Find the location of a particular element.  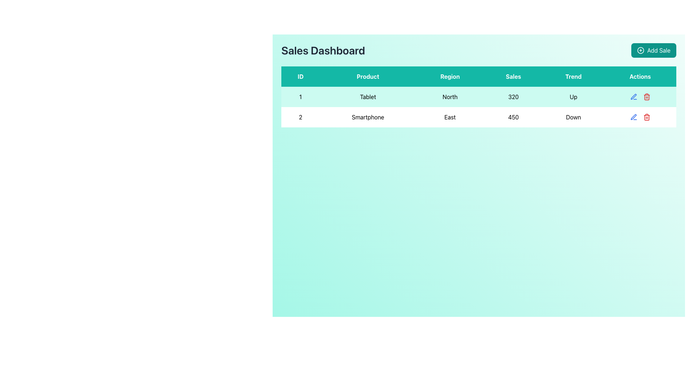

the first row of the table containing the entries '1', 'Tablet', 'North', '320', and 'Up' is located at coordinates (479, 96).